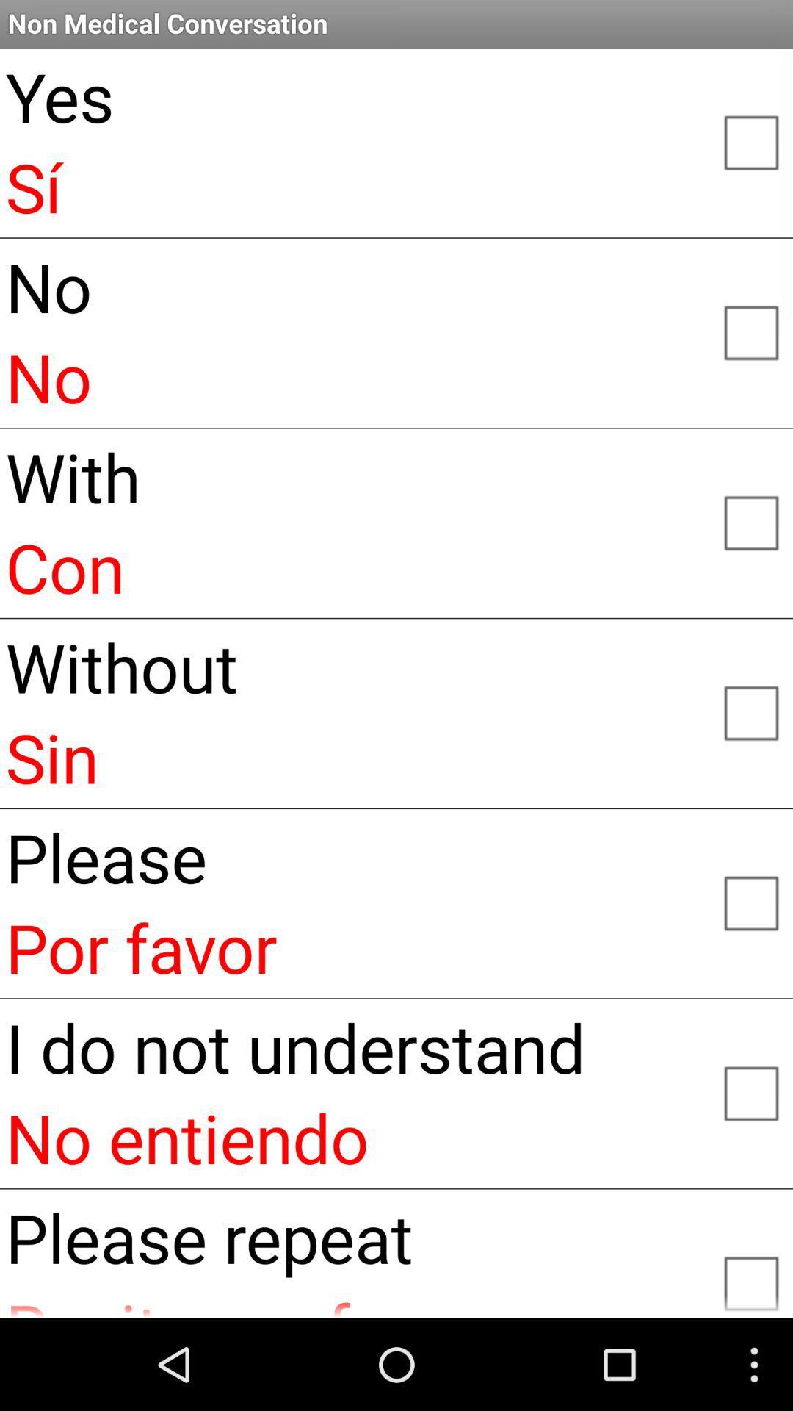 This screenshot has width=793, height=1411. I want to click on please, so click(750, 901).